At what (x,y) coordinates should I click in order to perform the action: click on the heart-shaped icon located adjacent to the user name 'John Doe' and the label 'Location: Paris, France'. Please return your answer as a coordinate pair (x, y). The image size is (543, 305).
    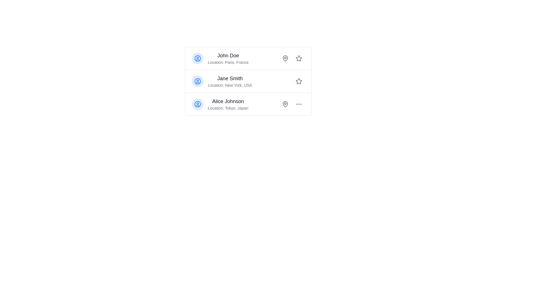
    Looking at the image, I should click on (285, 58).